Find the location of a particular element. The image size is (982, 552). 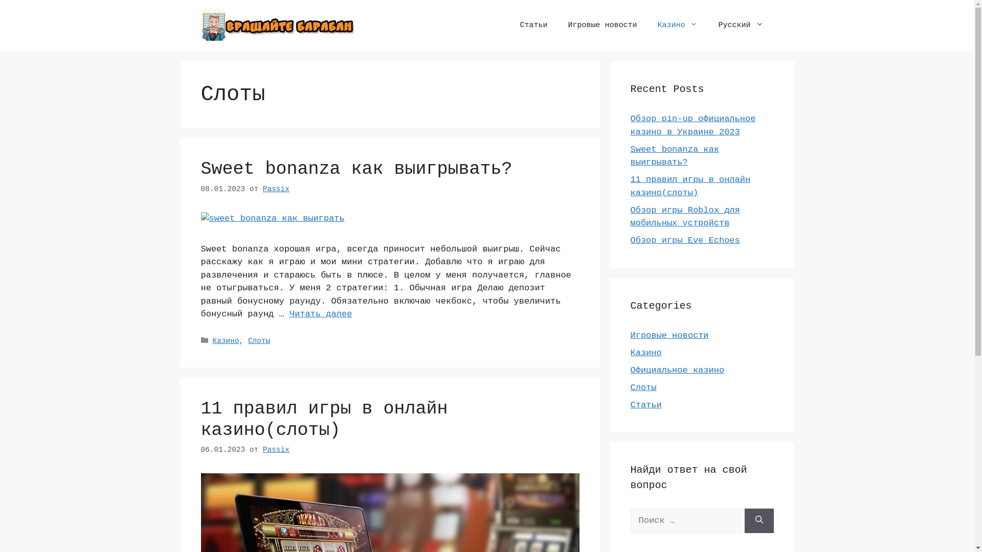

'Passix' is located at coordinates (276, 449).